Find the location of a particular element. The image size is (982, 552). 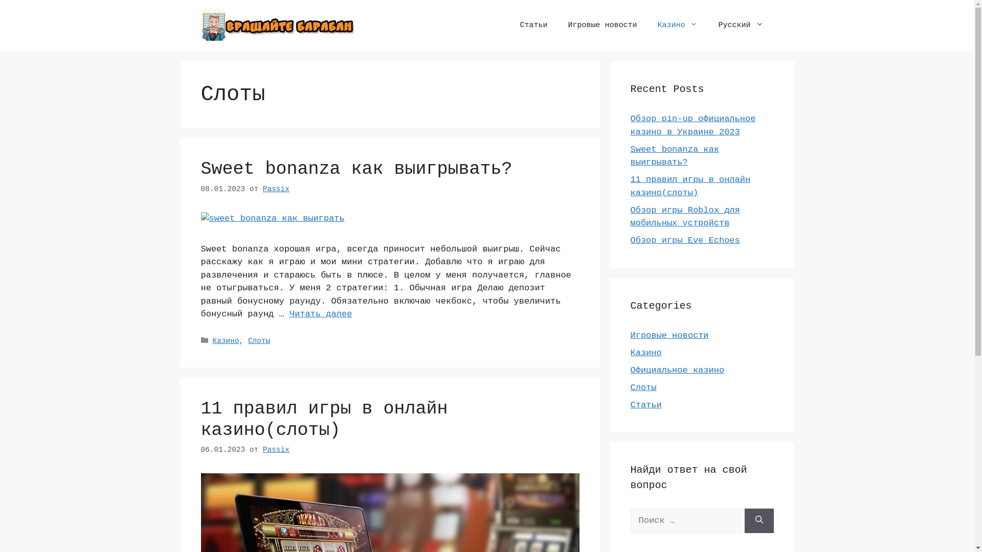

'Passix' is located at coordinates (276, 449).